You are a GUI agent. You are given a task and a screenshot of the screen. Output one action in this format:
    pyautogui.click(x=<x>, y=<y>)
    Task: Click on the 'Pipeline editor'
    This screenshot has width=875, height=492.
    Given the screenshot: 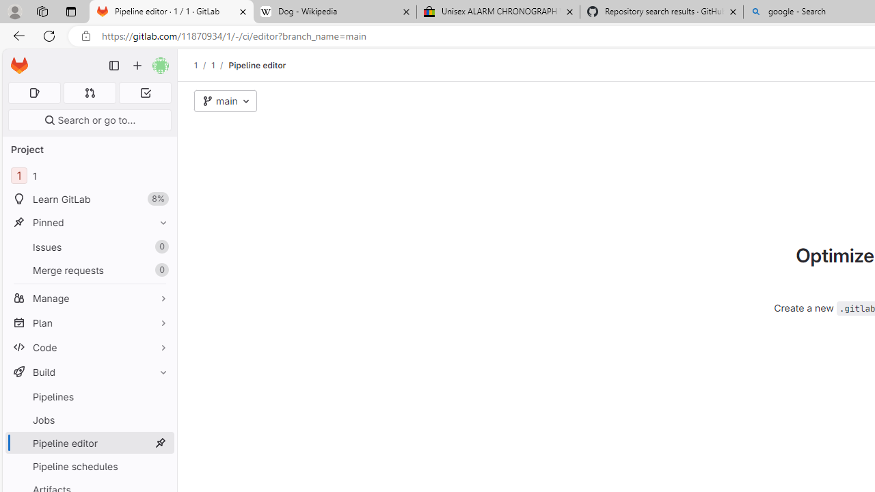 What is the action you would take?
    pyautogui.click(x=257, y=65)
    